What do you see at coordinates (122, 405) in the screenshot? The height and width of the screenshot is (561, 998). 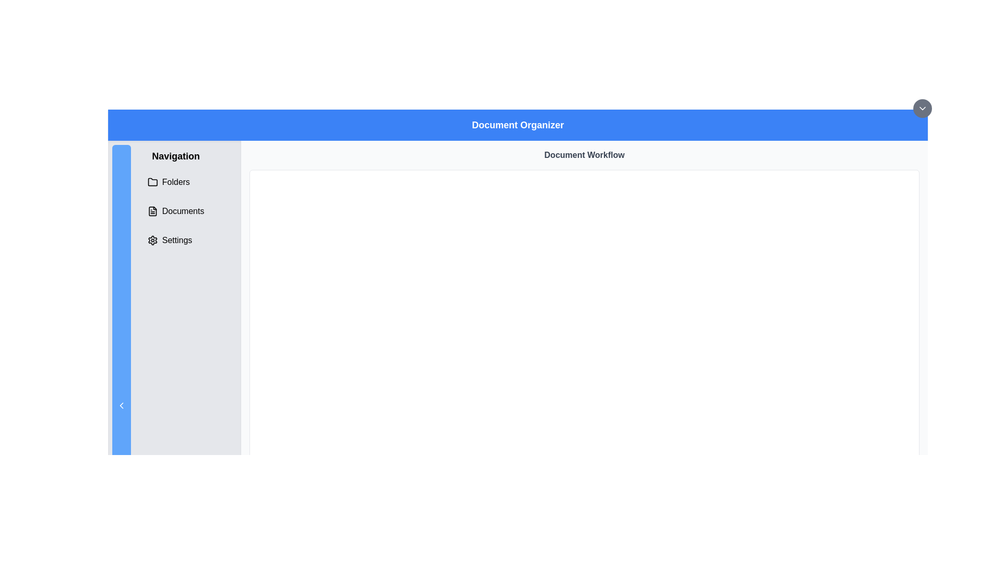 I see `the small leftward-chevron icon with a blue background in the left-side navigation bar` at bounding box center [122, 405].